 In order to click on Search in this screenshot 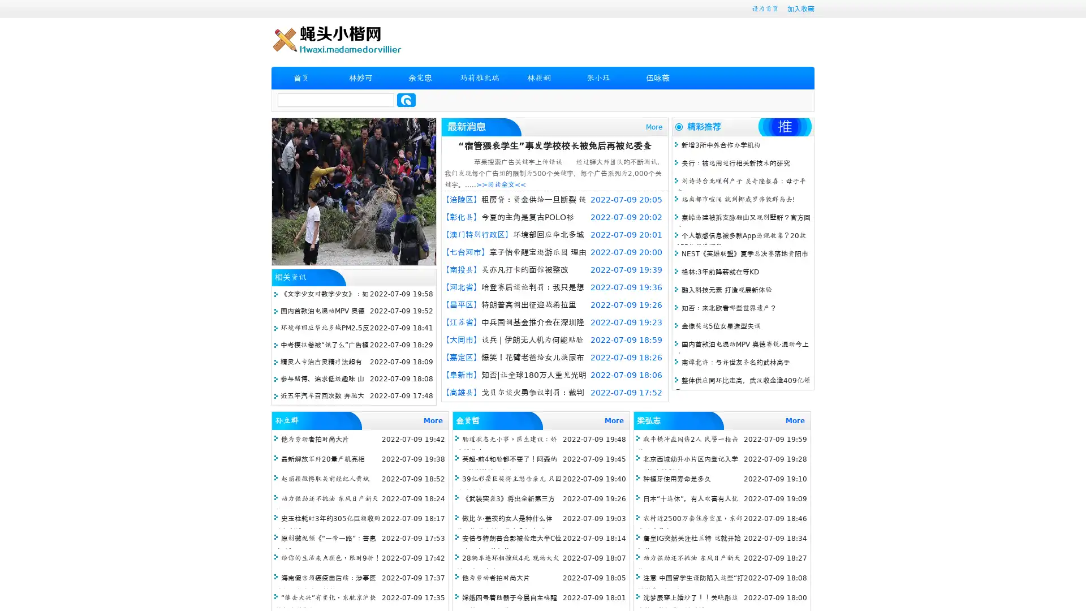, I will do `click(406, 100)`.